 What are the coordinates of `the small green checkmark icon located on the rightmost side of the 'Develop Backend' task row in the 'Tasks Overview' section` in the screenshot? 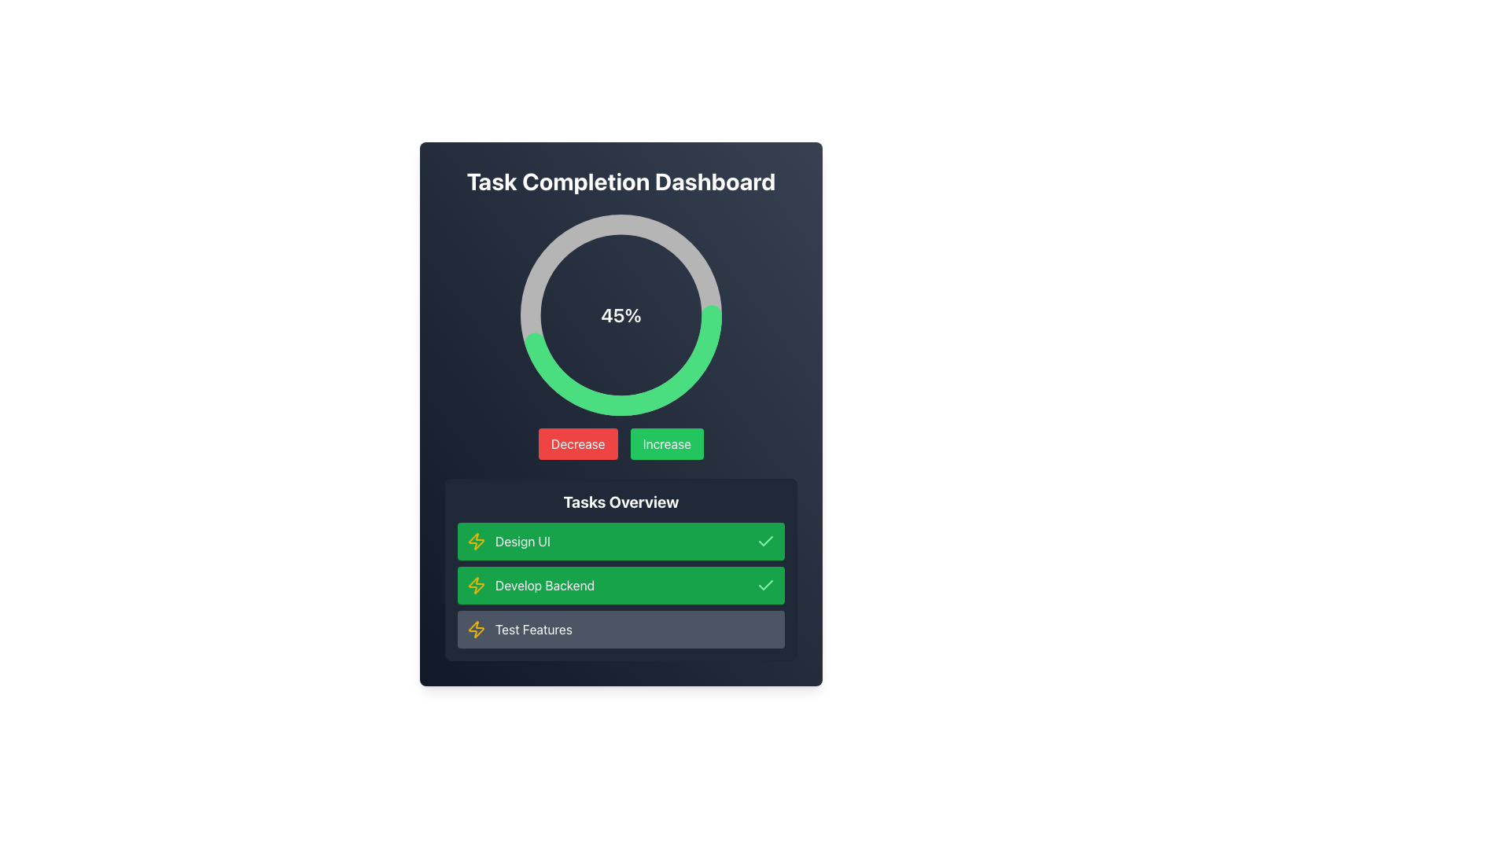 It's located at (766, 540).